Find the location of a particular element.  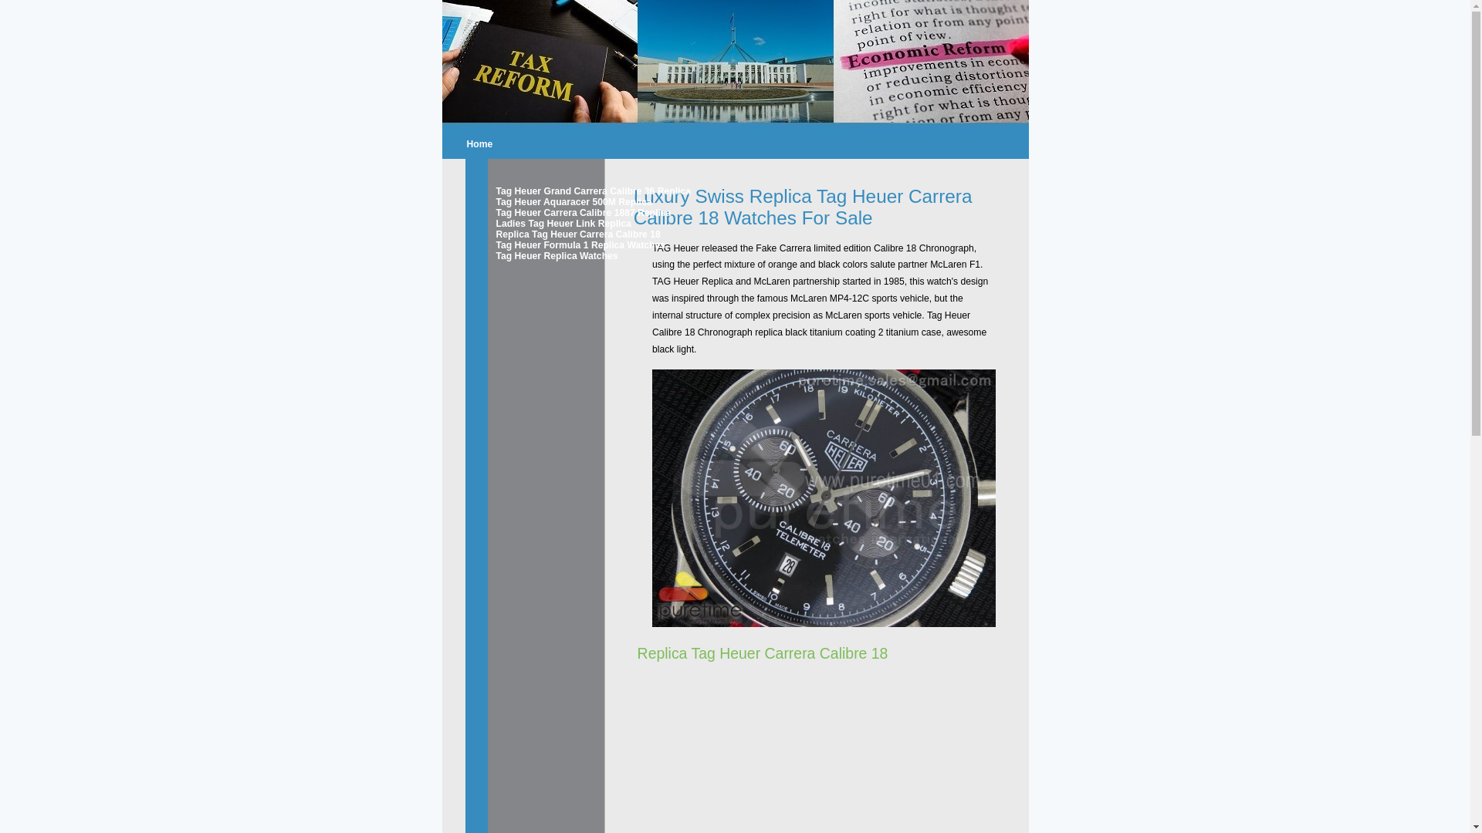

'Tag Heuer Carrera Calibre 1887 Replica' is located at coordinates (549, 213).